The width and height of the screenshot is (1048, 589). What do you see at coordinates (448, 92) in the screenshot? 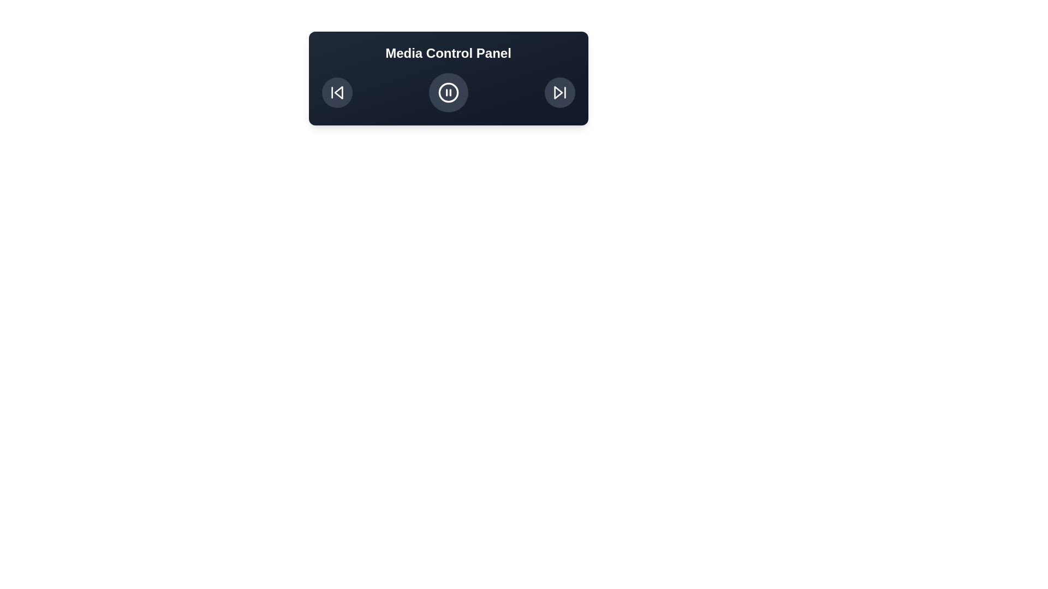
I see `the circular outline element surrounding the pause icon` at bounding box center [448, 92].